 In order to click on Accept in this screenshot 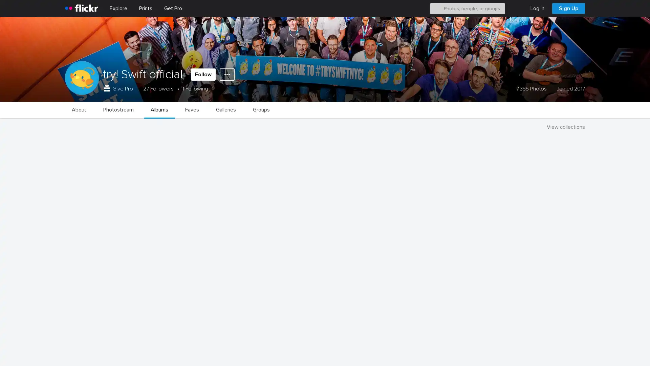, I will do `click(516, 353)`.